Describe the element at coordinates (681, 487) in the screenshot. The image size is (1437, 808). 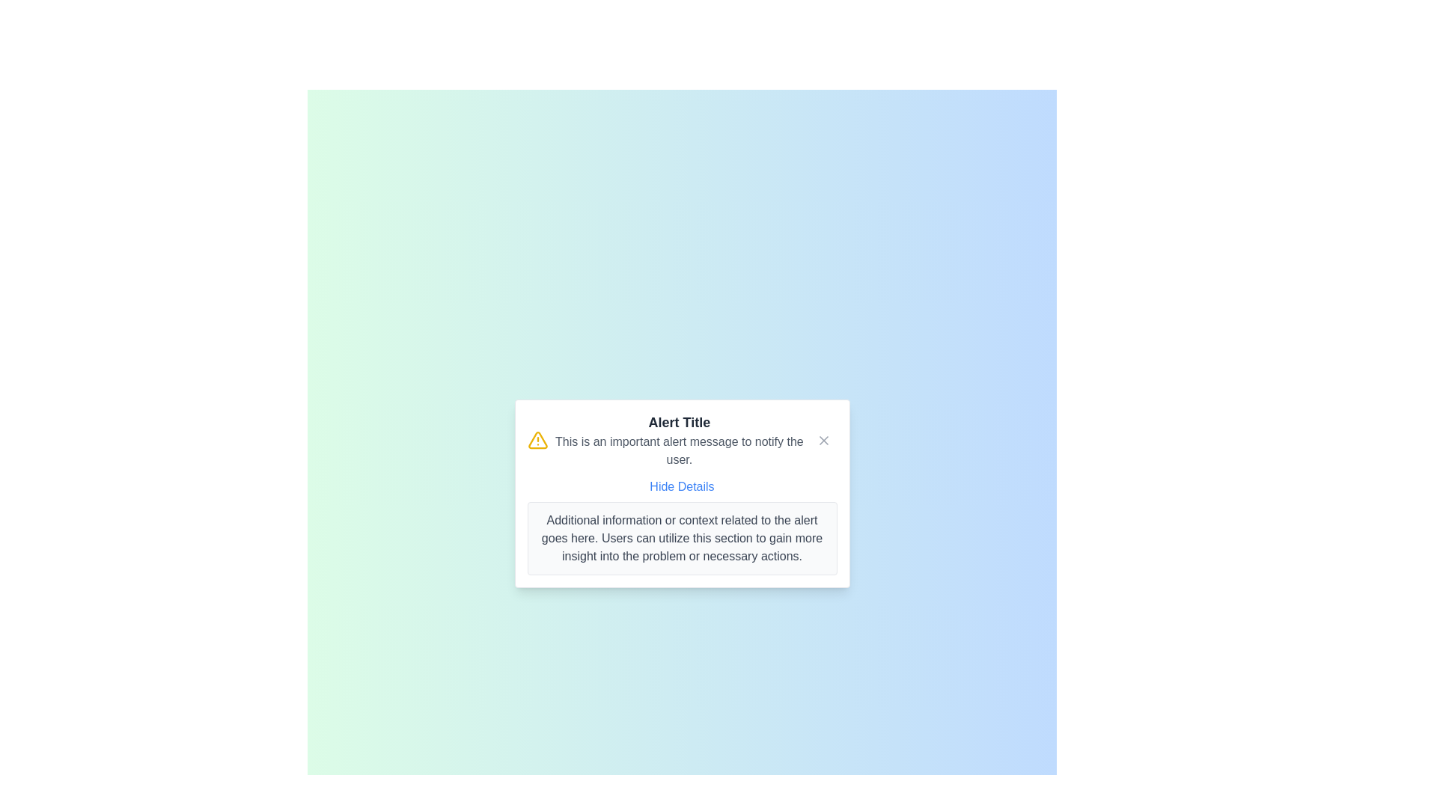
I see `the 'Hide Details' button to toggle the visibility of the alert details section` at that location.